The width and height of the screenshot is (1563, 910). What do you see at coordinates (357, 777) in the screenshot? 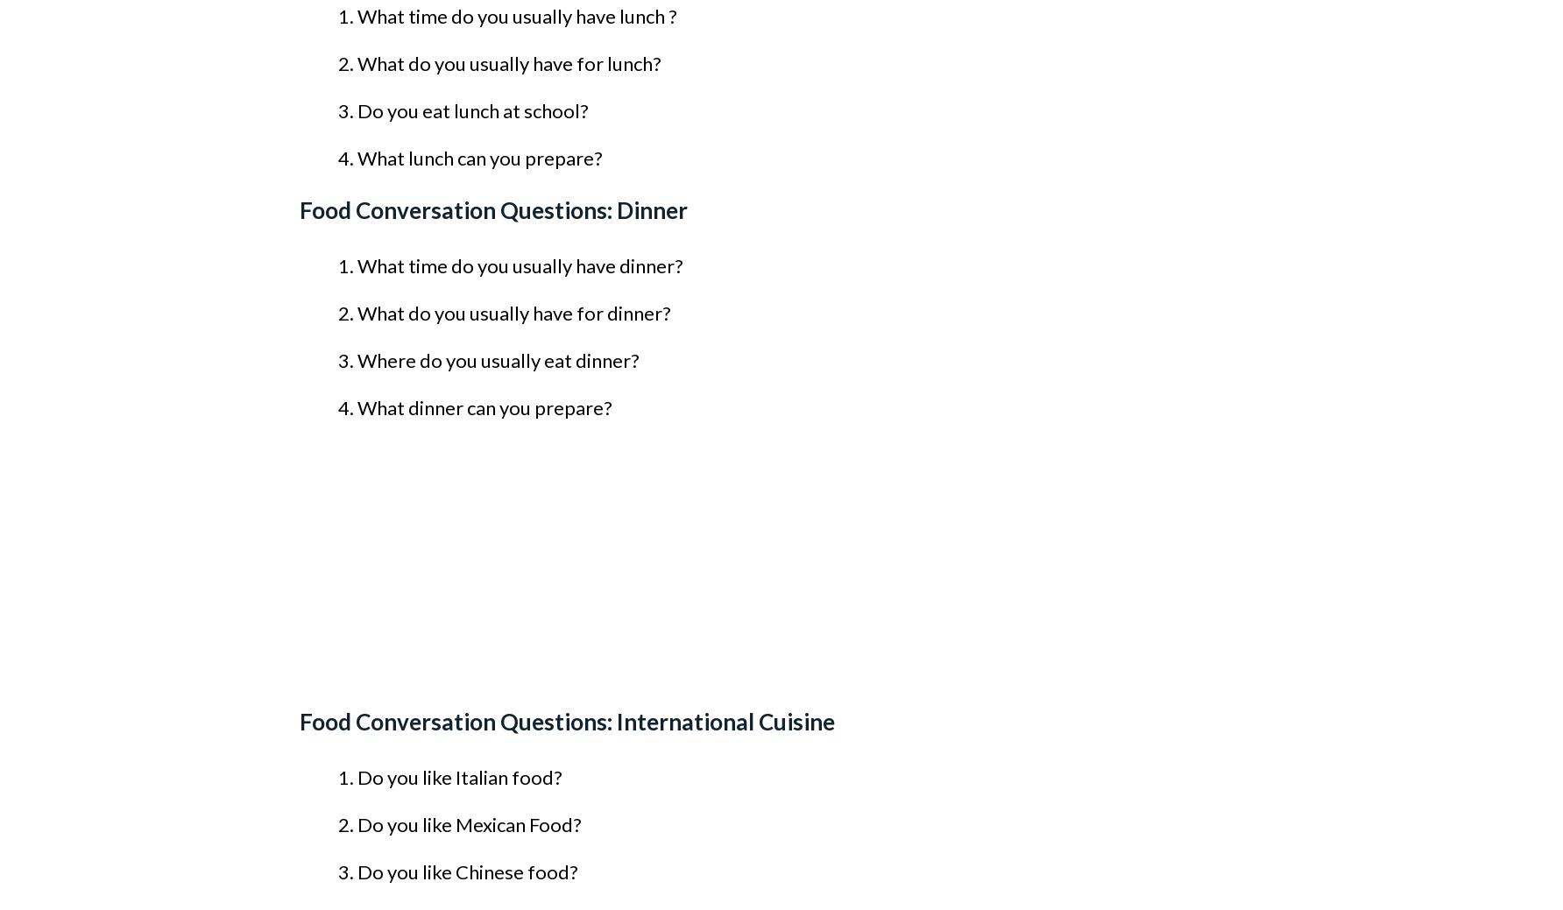
I see `'Do you like Italian food?'` at bounding box center [357, 777].